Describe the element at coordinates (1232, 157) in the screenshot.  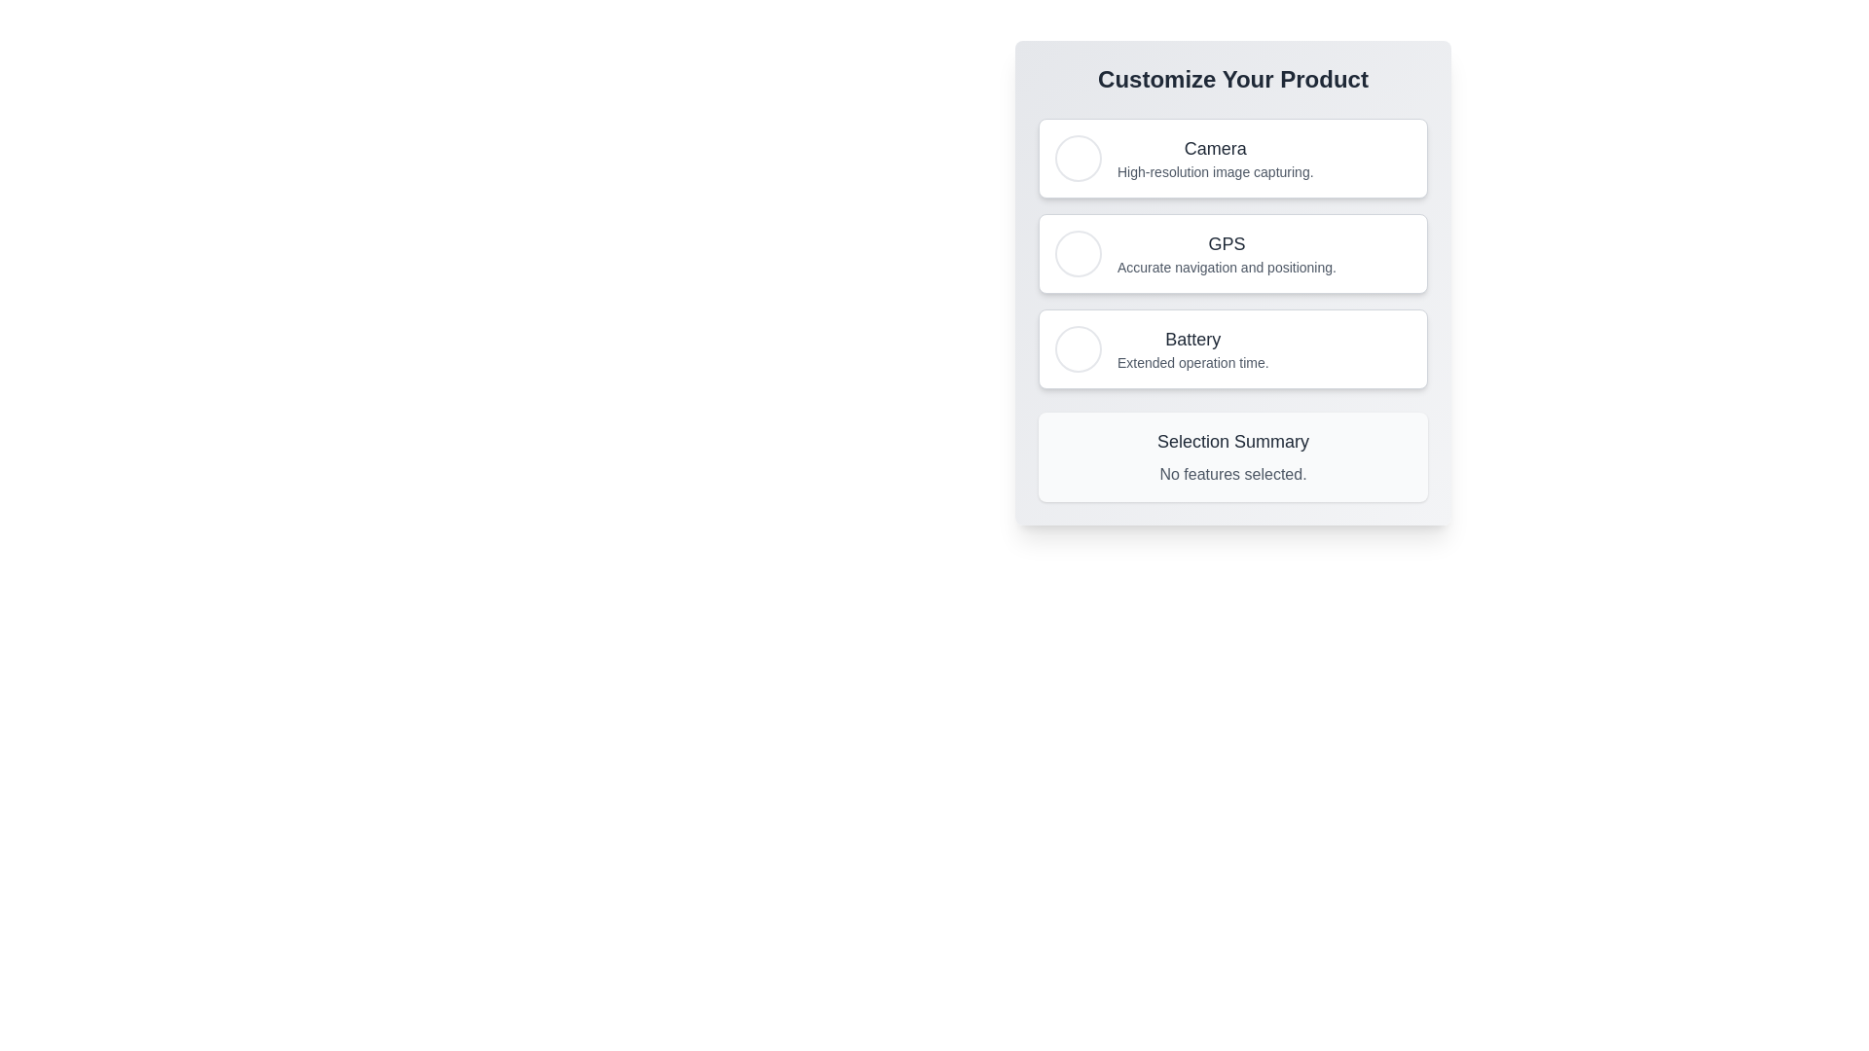
I see `the first selectable option labeled 'Camera'` at that location.